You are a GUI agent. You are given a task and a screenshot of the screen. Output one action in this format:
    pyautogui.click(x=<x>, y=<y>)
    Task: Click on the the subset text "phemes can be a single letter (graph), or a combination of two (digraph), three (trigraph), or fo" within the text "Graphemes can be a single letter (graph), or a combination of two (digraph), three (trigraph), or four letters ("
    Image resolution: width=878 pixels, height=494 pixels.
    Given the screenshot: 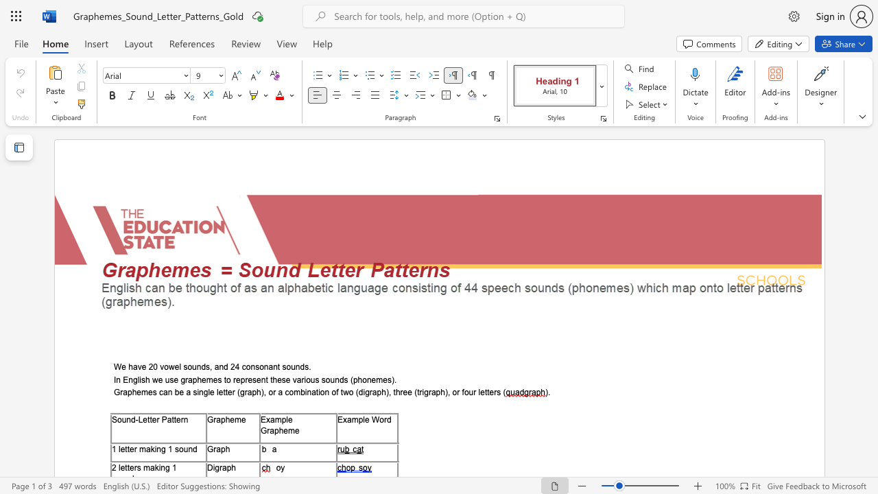 What is the action you would take?
    pyautogui.click(x=127, y=392)
    